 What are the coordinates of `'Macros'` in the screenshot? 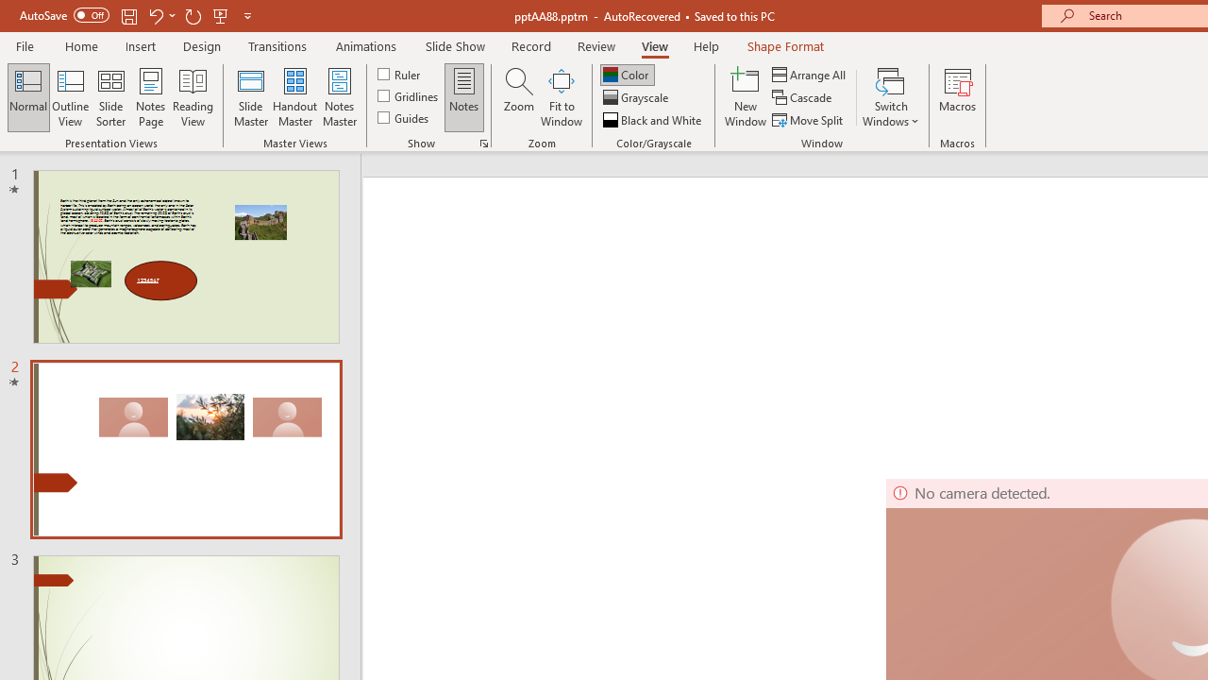 It's located at (958, 97).